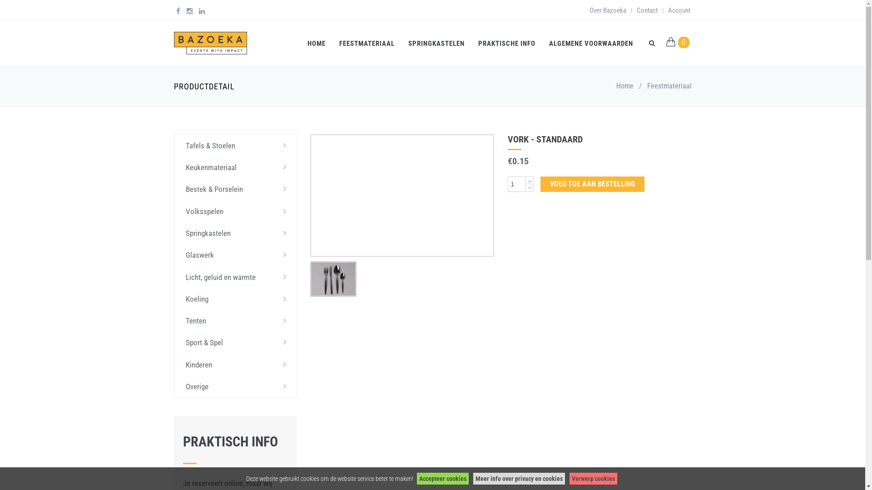  Describe the element at coordinates (235, 276) in the screenshot. I see `'Licht, geluid en warmte'` at that location.